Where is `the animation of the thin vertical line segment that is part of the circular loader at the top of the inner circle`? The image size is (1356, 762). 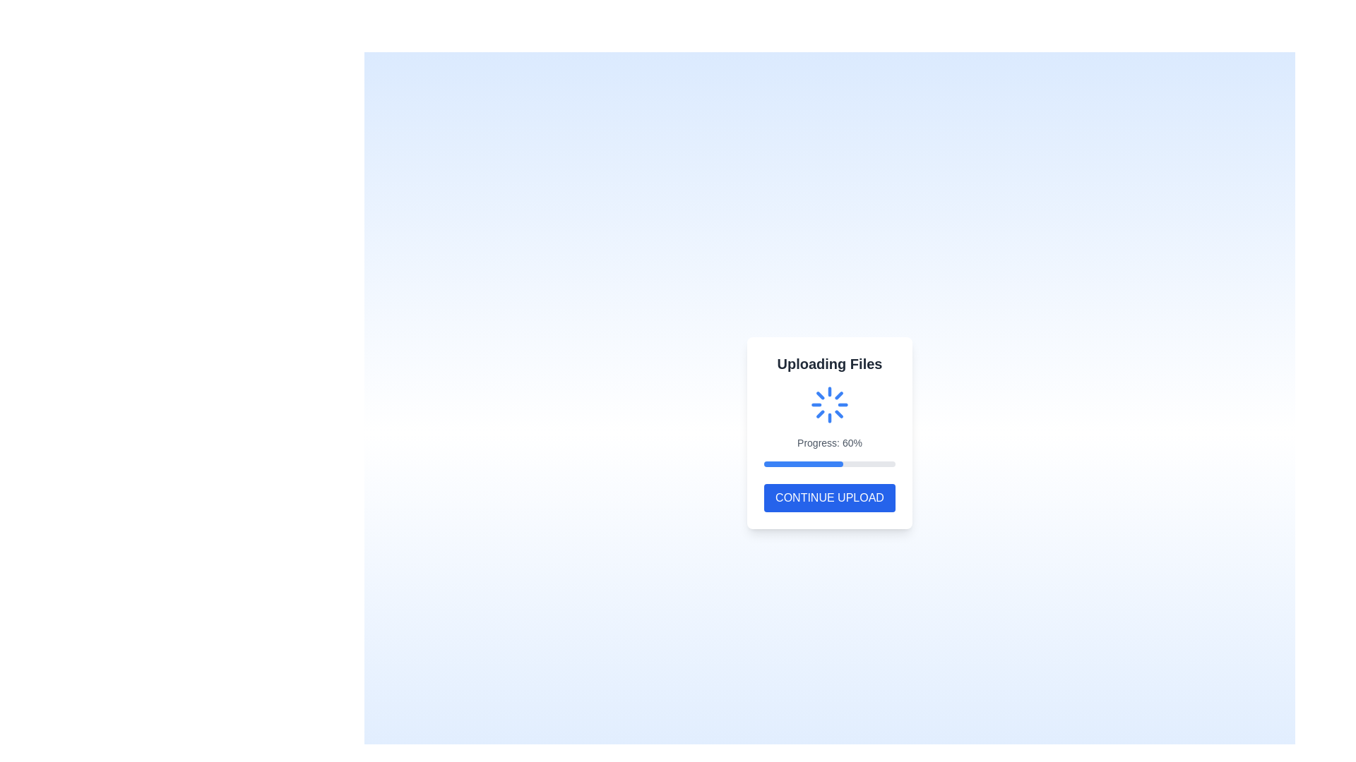 the animation of the thin vertical line segment that is part of the circular loader at the top of the inner circle is located at coordinates (833, 416).